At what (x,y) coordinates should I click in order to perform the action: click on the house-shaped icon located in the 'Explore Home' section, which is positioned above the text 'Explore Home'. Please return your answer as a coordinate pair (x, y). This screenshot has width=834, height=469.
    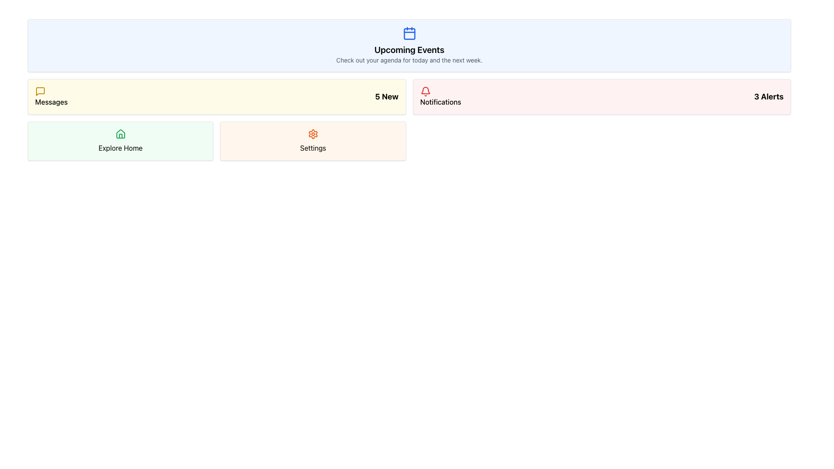
    Looking at the image, I should click on (120, 134).